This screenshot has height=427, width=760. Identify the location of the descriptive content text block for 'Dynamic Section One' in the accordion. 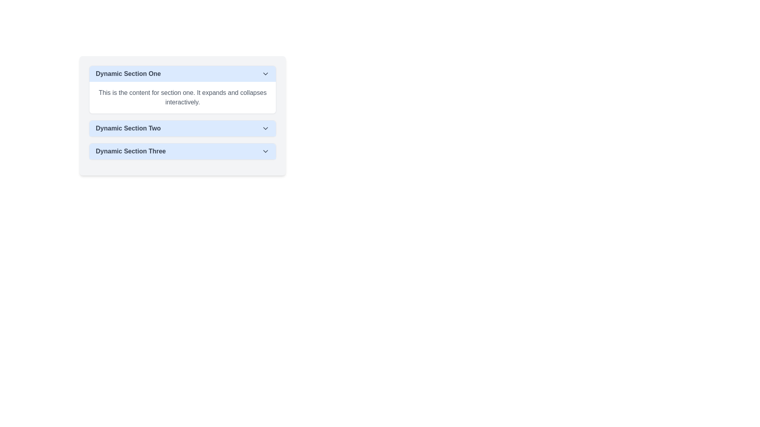
(182, 97).